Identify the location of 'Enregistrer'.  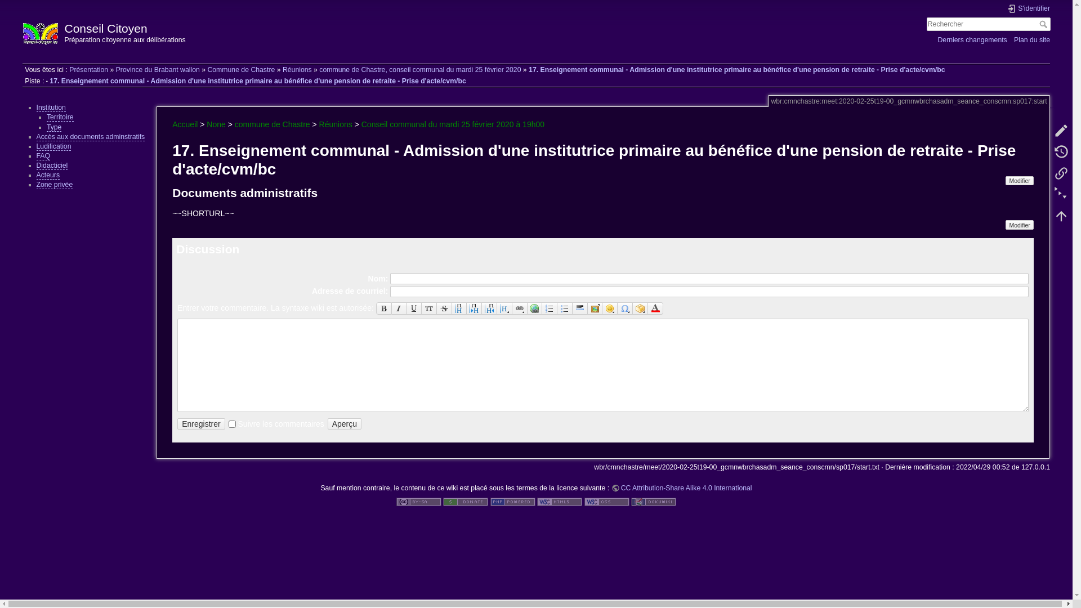
(200, 424).